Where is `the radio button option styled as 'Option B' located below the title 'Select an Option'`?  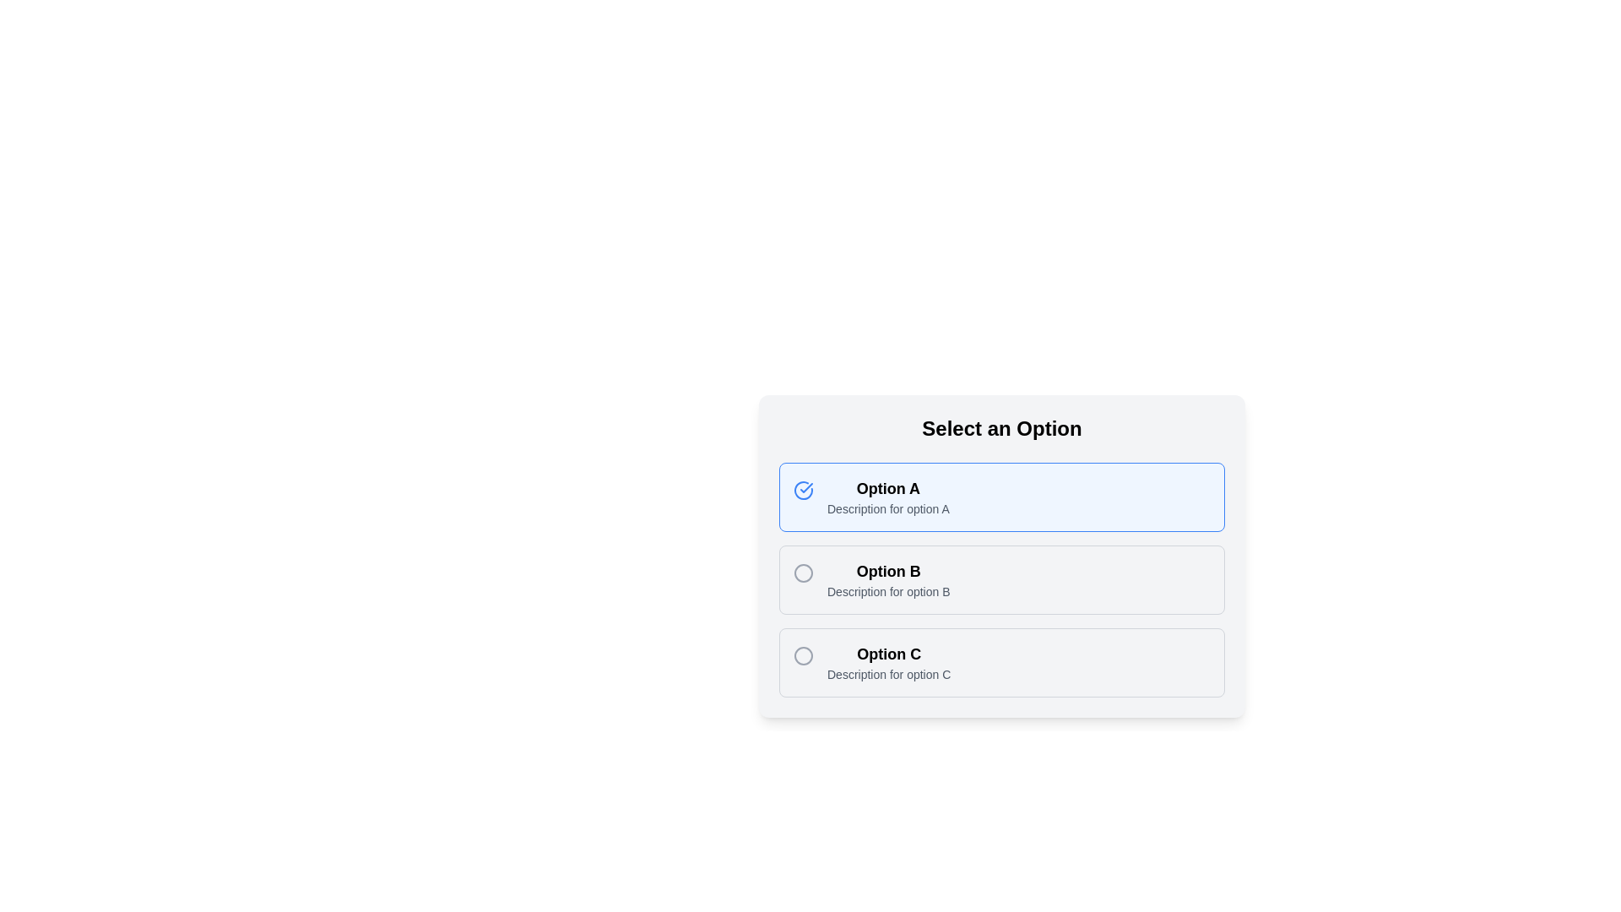
the radio button option styled as 'Option B' located below the title 'Select an Option' is located at coordinates (1001, 578).